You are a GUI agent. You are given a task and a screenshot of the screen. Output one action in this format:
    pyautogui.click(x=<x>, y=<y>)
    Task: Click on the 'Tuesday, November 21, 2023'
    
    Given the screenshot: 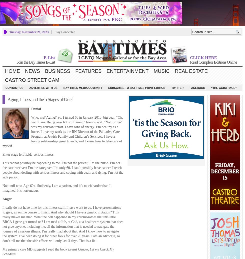 What is the action you would take?
    pyautogui.click(x=29, y=32)
    